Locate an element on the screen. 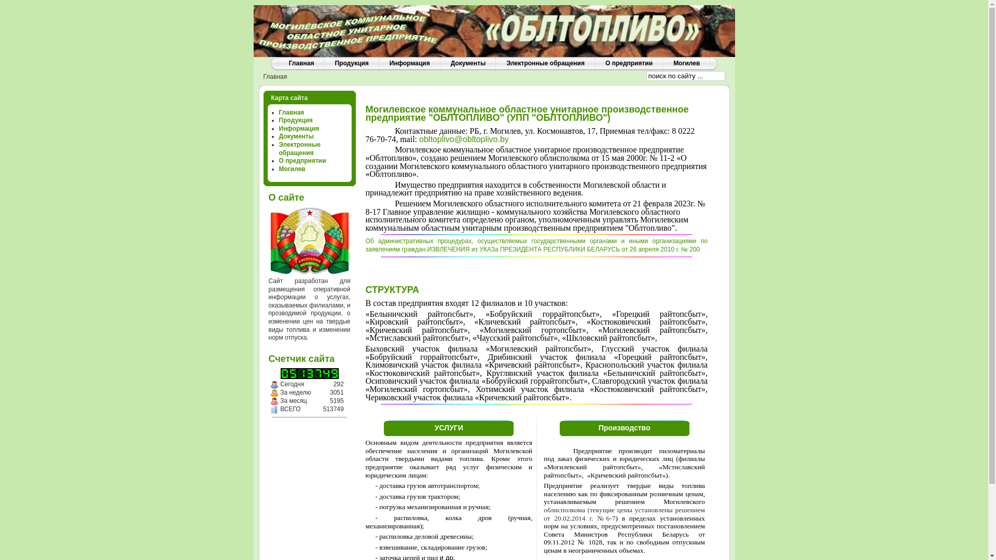  'Vinaora Visitors Counter' is located at coordinates (308, 373).